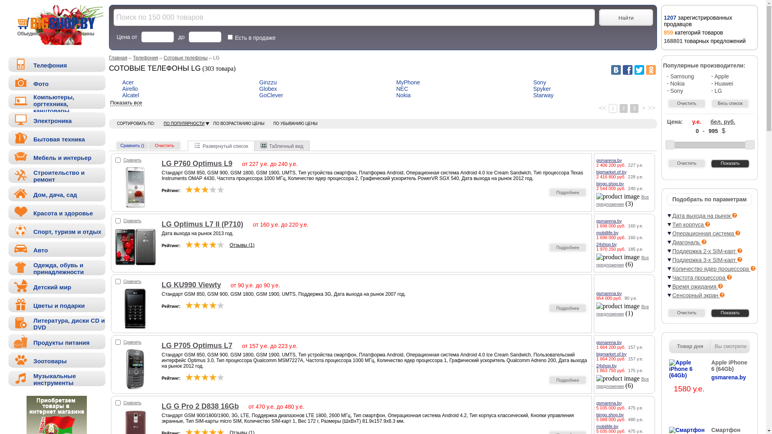 The image size is (772, 434). What do you see at coordinates (651, 107) in the screenshot?
I see `'>>'` at bounding box center [651, 107].